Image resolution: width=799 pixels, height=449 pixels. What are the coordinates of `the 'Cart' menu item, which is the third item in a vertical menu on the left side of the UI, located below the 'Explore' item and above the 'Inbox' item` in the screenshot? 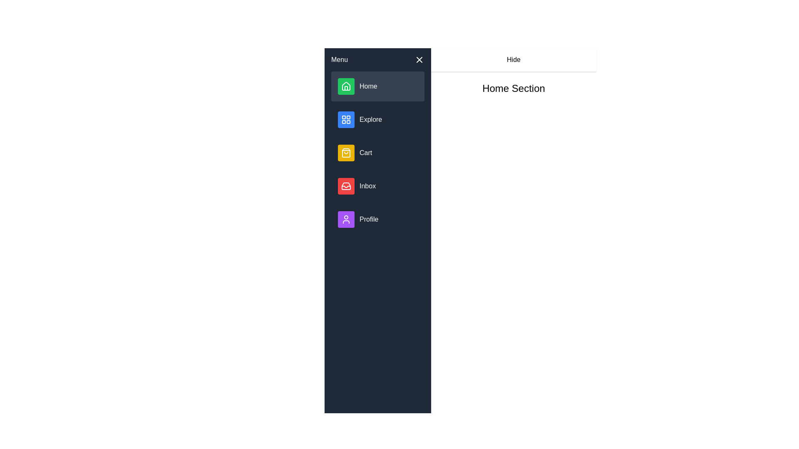 It's located at (377, 153).